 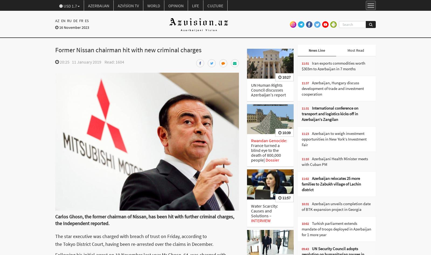 I want to click on 'Dossier', so click(x=272, y=160).